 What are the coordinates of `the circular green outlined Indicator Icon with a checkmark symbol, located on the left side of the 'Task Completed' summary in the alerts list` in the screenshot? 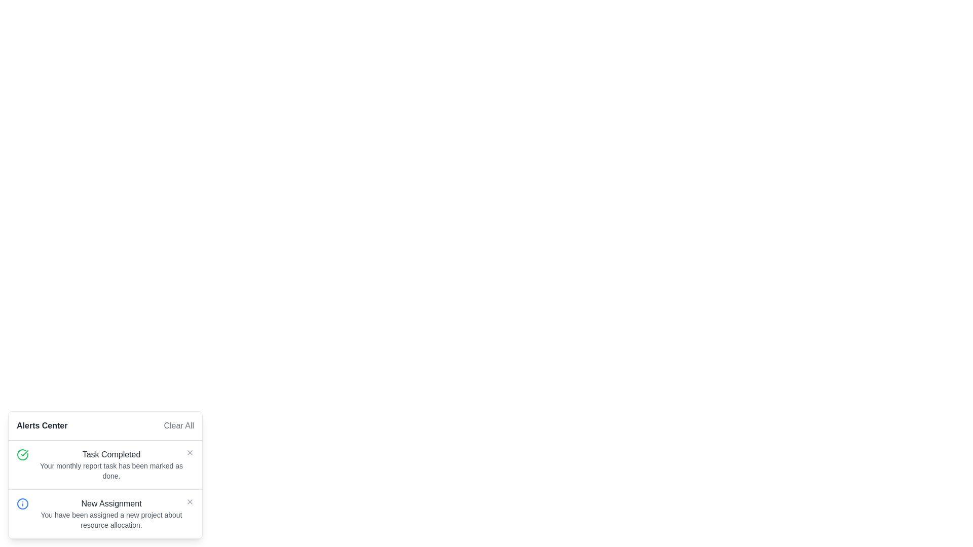 It's located at (22, 454).